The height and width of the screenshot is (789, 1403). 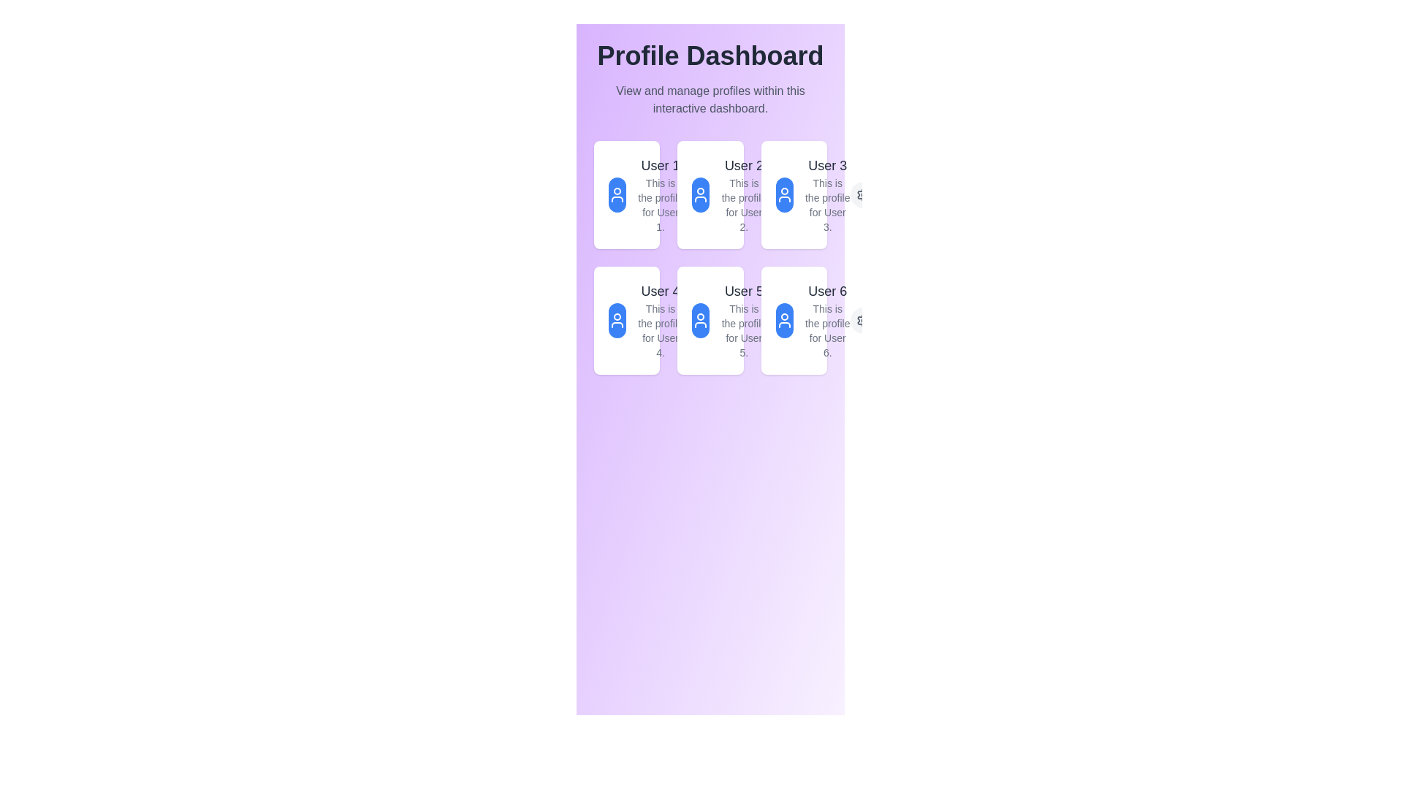 I want to click on the textual component displaying the sentence: 'This is the profile for User 6.' which is styled with a smaller font and gray color, located beneath the user's name in the card for 'User 6', so click(x=827, y=330).